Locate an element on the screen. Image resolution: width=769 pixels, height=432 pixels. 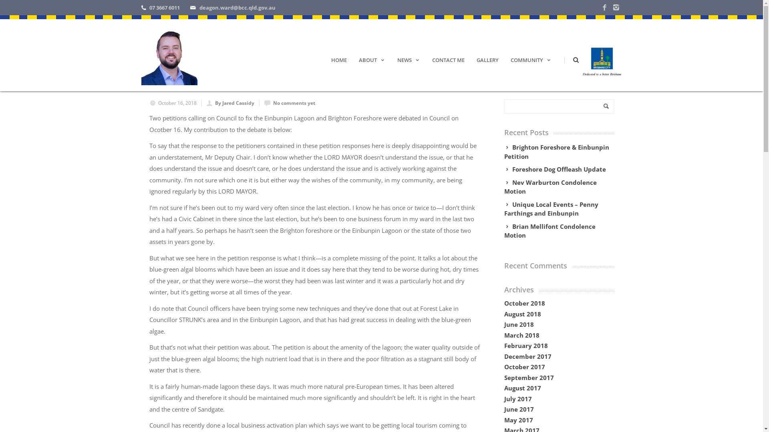
'July 2017' is located at coordinates (517, 398).